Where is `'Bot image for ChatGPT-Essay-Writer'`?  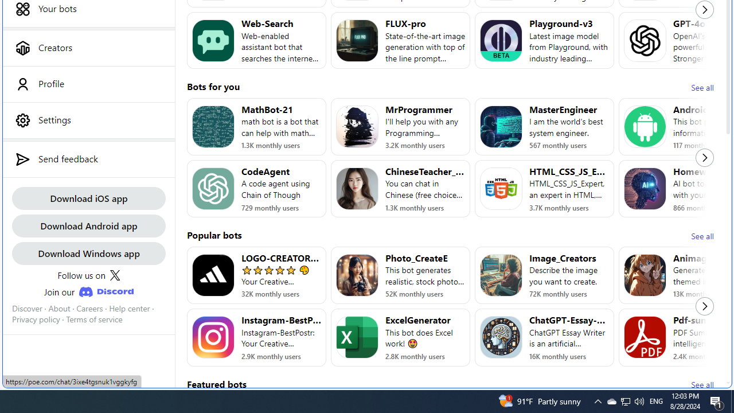 'Bot image for ChatGPT-Essay-Writer' is located at coordinates (501, 337).